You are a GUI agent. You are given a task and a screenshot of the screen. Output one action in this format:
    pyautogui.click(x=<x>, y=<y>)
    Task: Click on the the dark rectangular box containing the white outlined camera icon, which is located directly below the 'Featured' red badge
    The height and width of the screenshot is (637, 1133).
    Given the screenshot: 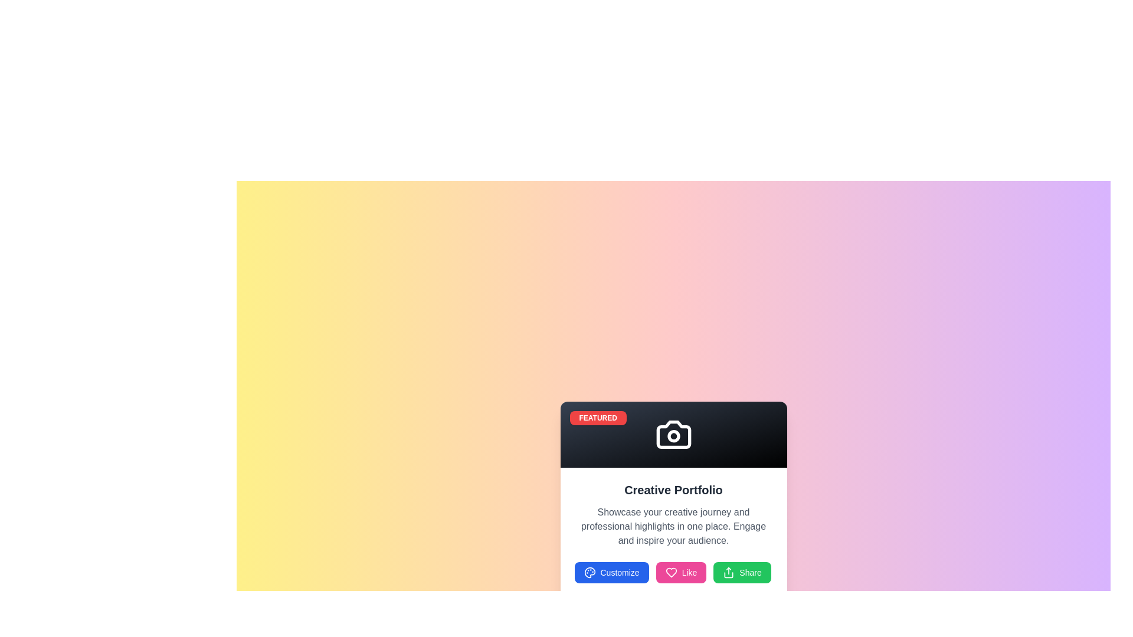 What is the action you would take?
    pyautogui.click(x=673, y=434)
    